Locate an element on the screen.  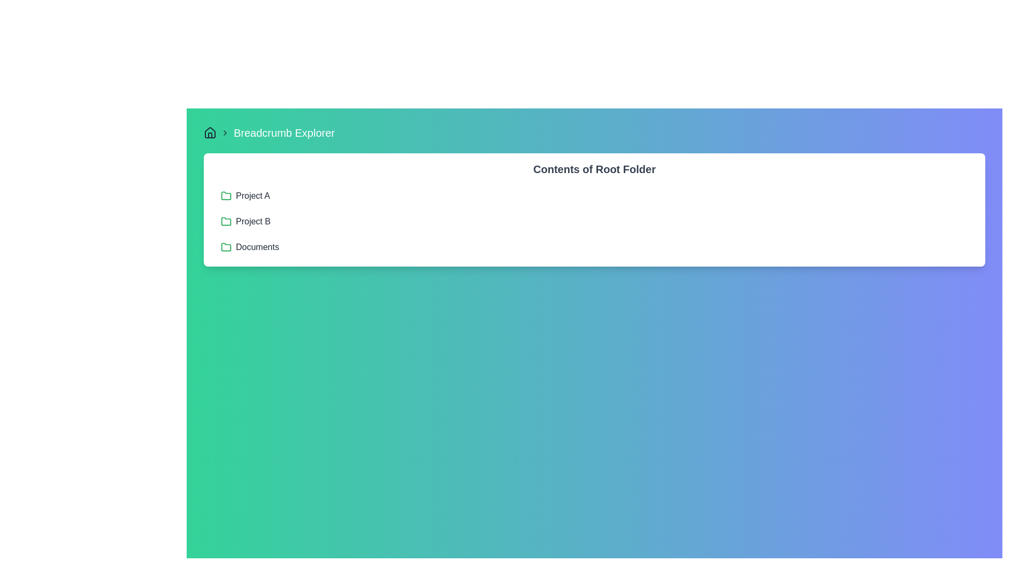
the text label for the folder named 'Project B', which is the second item in a vertical list of folder entries, located between 'Project A' and 'Documents' is located at coordinates (252, 221).